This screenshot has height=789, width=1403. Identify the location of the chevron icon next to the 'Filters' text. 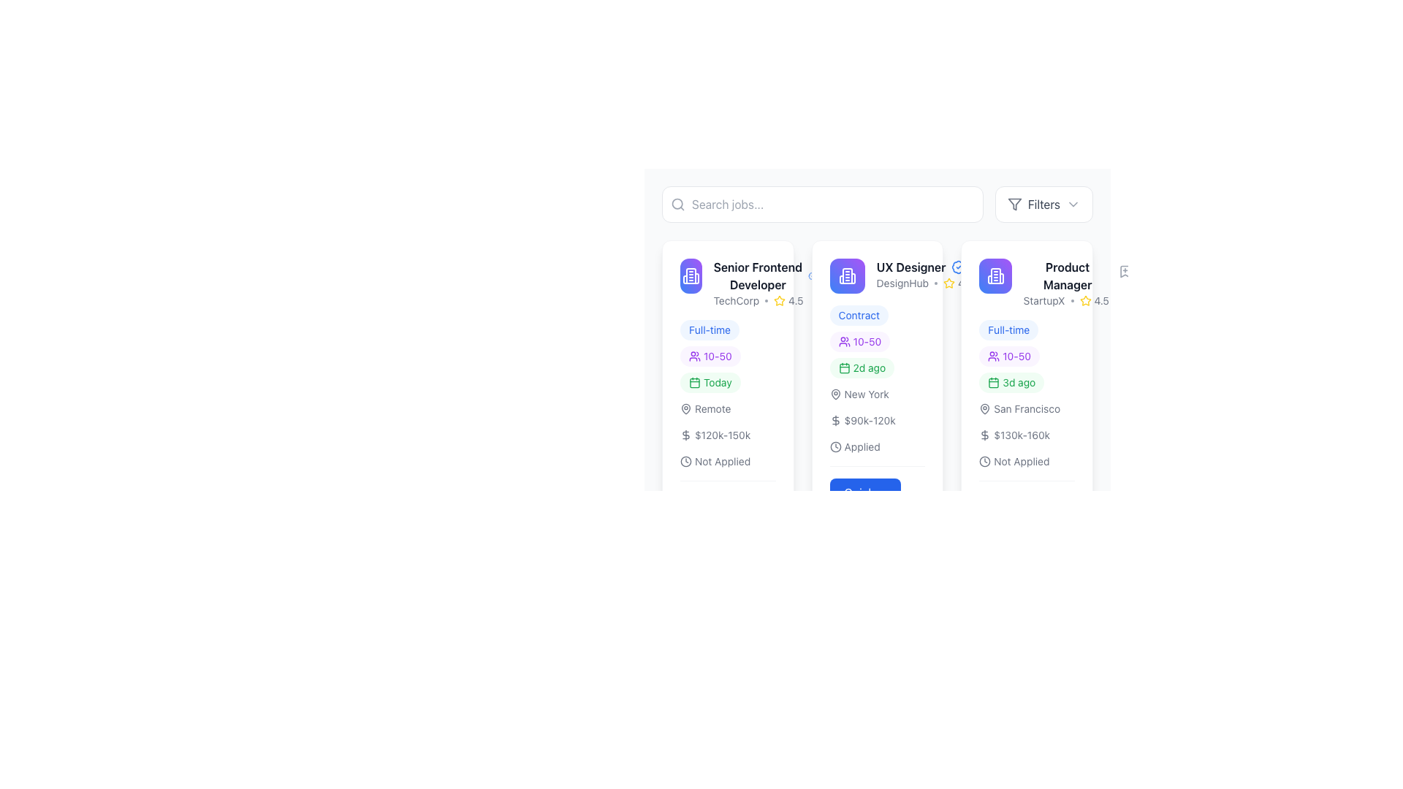
(1073, 205).